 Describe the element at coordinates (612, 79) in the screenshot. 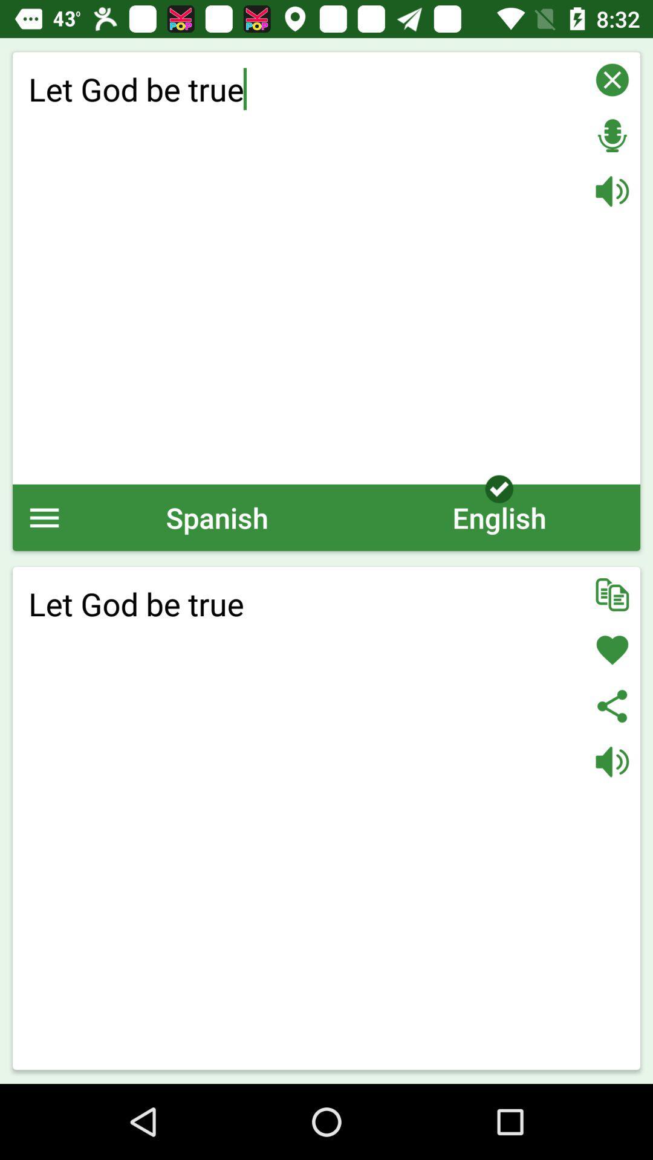

I see `out of text box` at that location.